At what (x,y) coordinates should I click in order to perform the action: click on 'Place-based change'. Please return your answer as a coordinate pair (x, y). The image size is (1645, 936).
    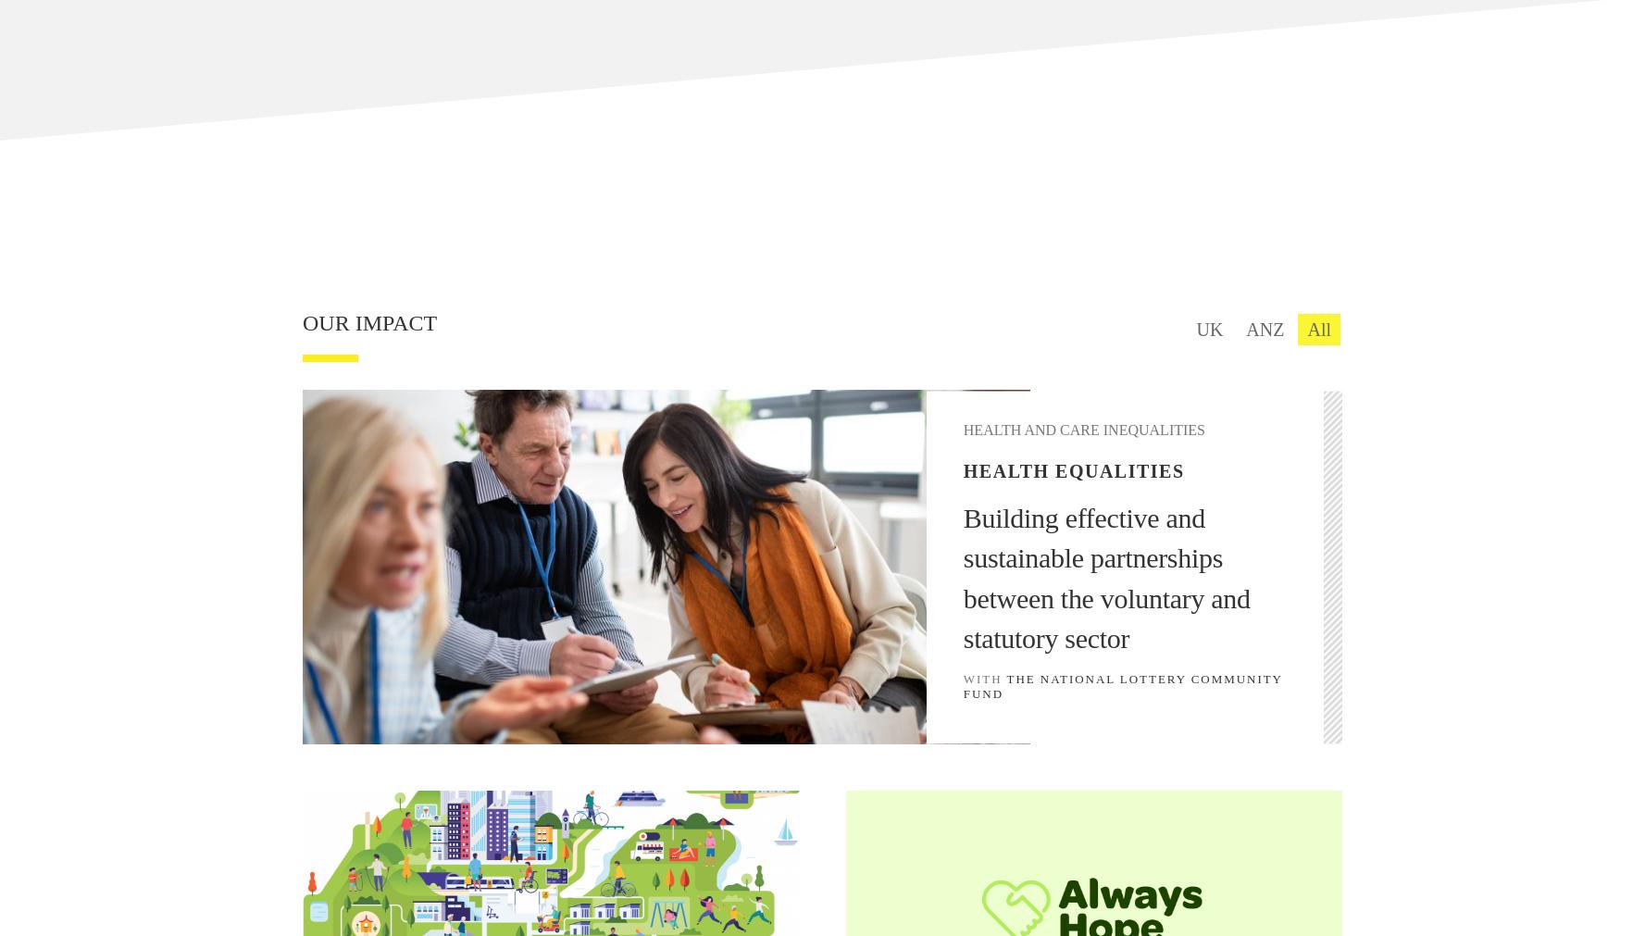
    Looking at the image, I should click on (1185, 327).